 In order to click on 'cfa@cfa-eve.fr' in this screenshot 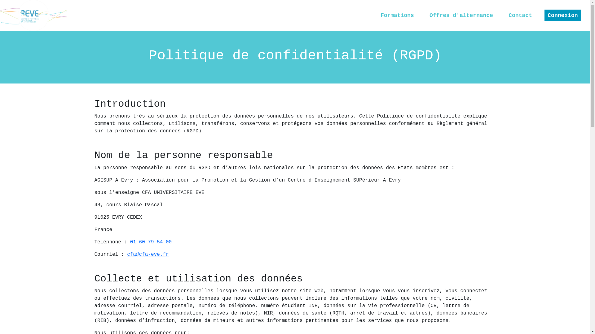, I will do `click(147, 254)`.